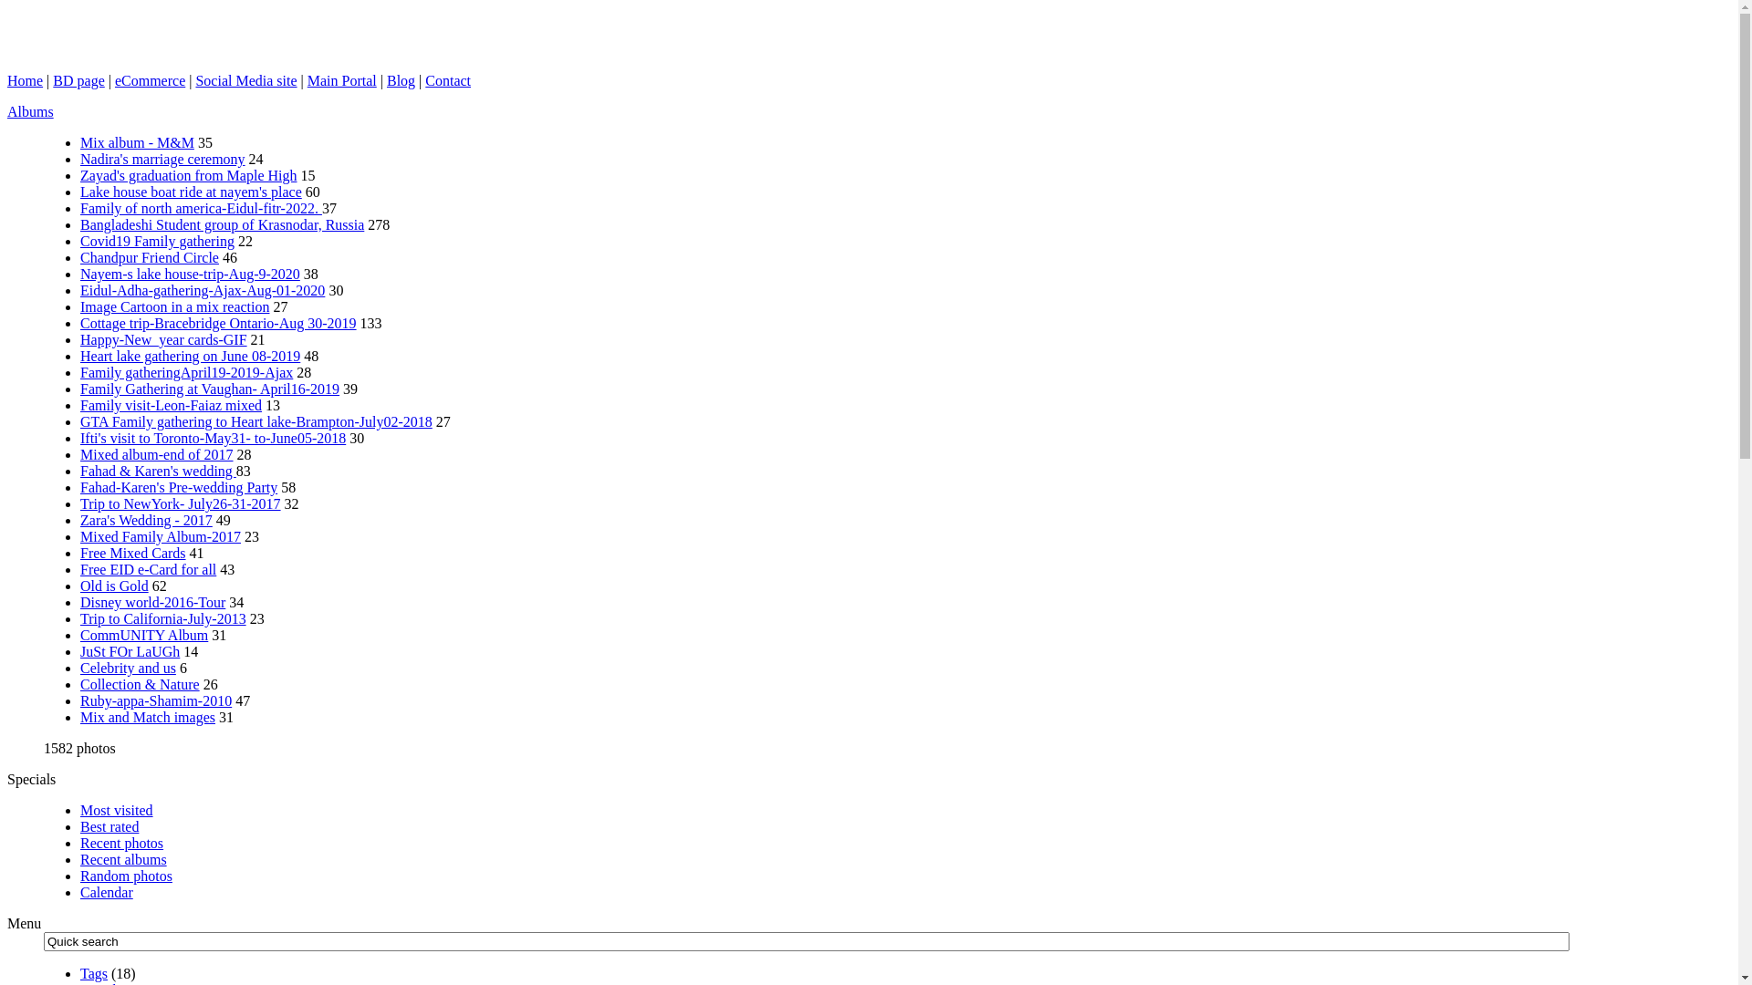 Image resolution: width=1752 pixels, height=985 pixels. I want to click on 'Recent albums', so click(122, 859).